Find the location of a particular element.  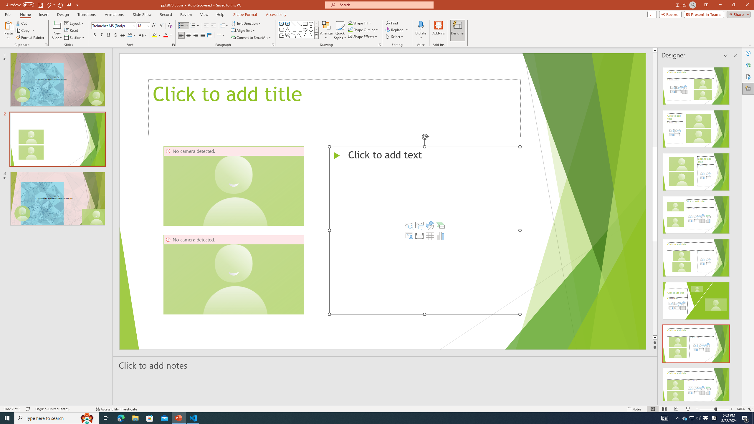

'Shape Fill Dark Green, Accent 2' is located at coordinates (350, 23).